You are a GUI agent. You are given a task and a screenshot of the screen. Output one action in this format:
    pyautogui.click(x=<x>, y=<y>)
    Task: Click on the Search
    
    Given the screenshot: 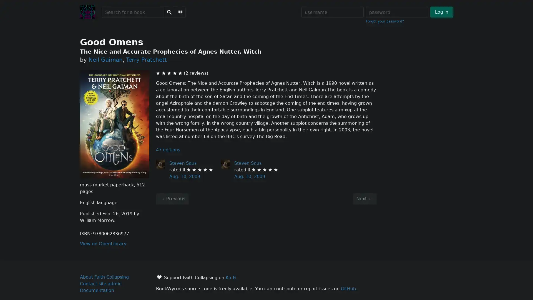 What is the action you would take?
    pyautogui.click(x=169, y=12)
    